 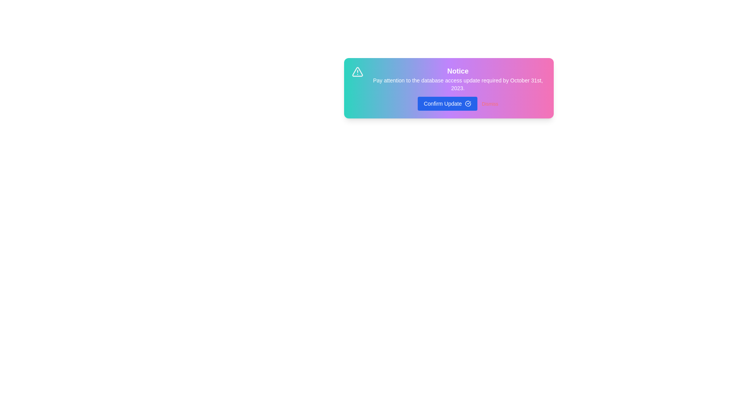 I want to click on the word 'access' in the alert message, so click(x=391, y=77).